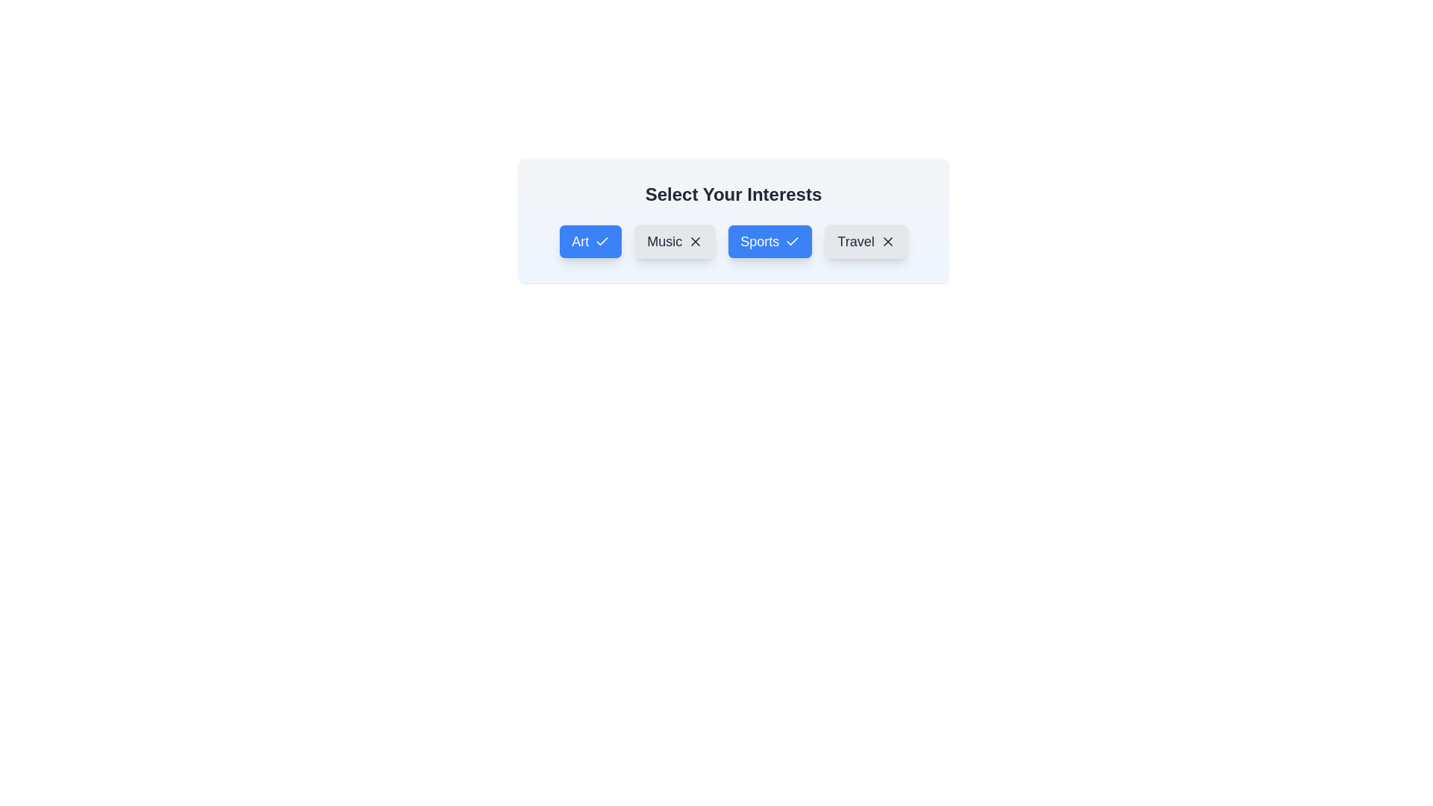 The width and height of the screenshot is (1433, 806). I want to click on the interest item Sports, so click(770, 241).